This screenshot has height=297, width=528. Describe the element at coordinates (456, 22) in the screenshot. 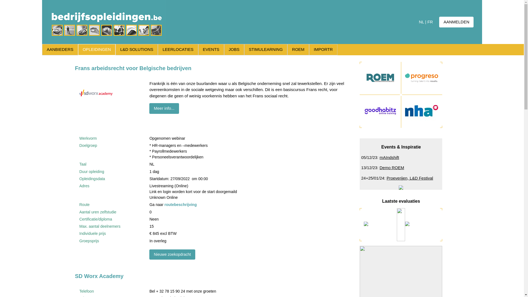

I see `'AANMELDEN'` at that location.